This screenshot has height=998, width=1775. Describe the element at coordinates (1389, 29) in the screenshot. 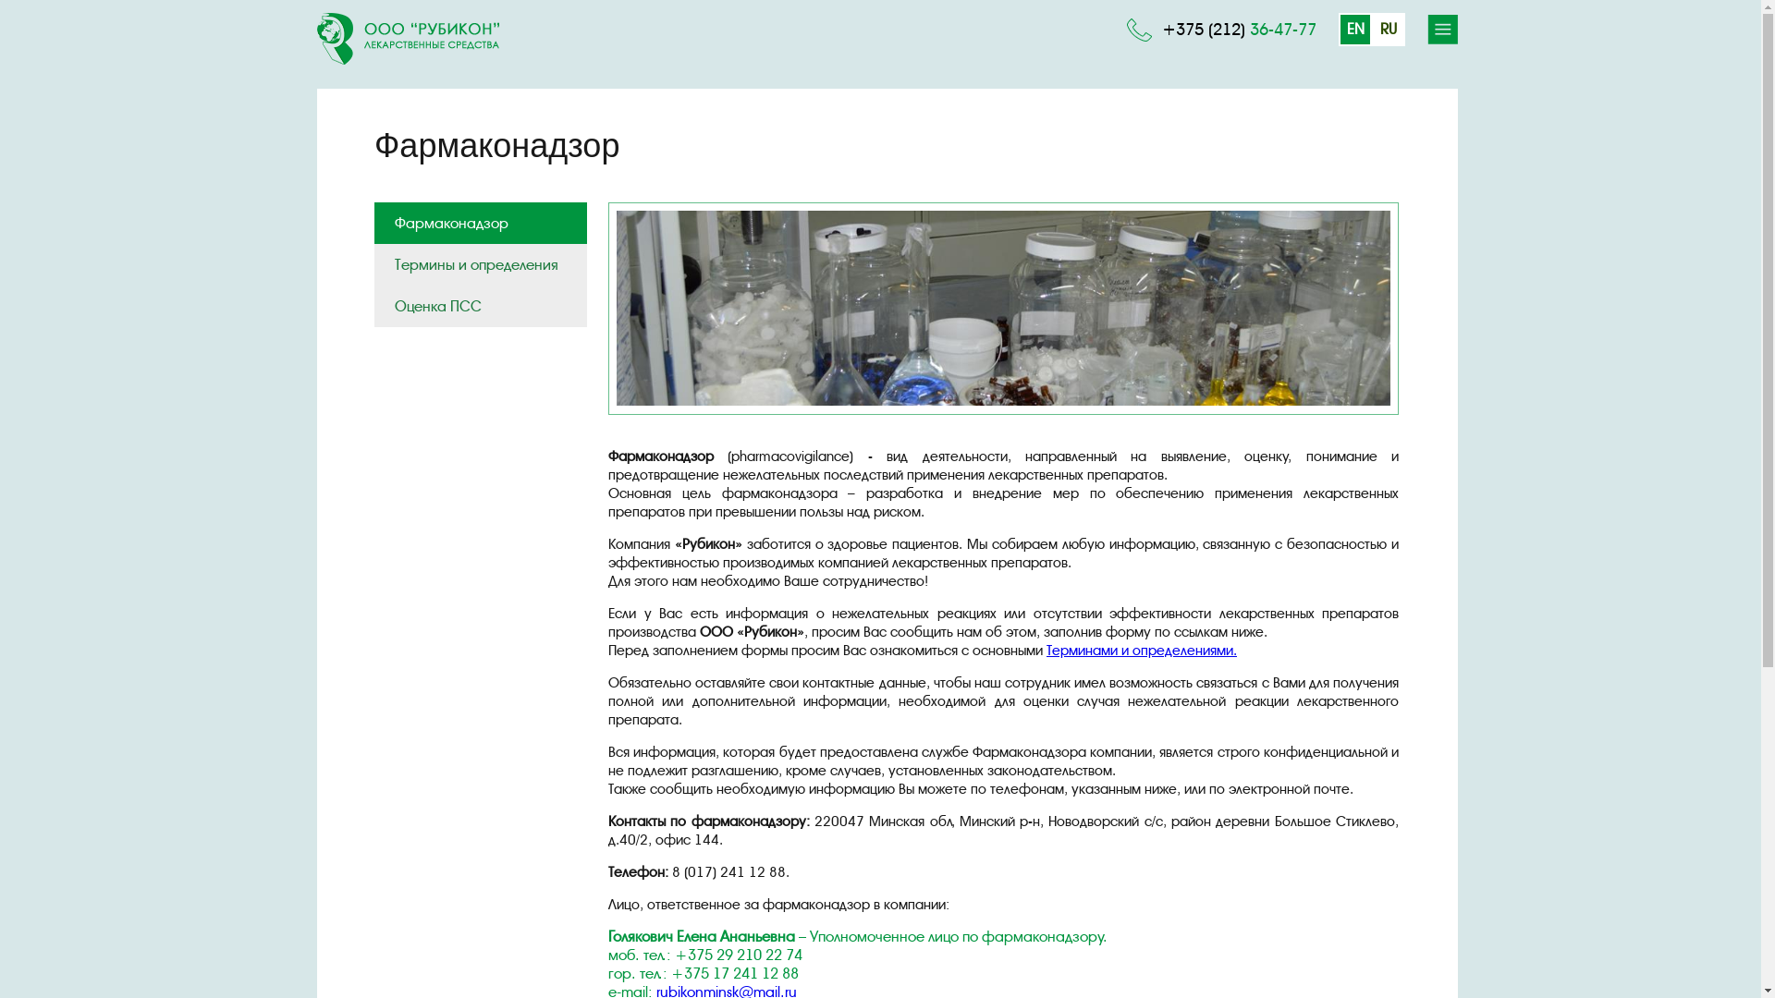

I see `'RU'` at that location.